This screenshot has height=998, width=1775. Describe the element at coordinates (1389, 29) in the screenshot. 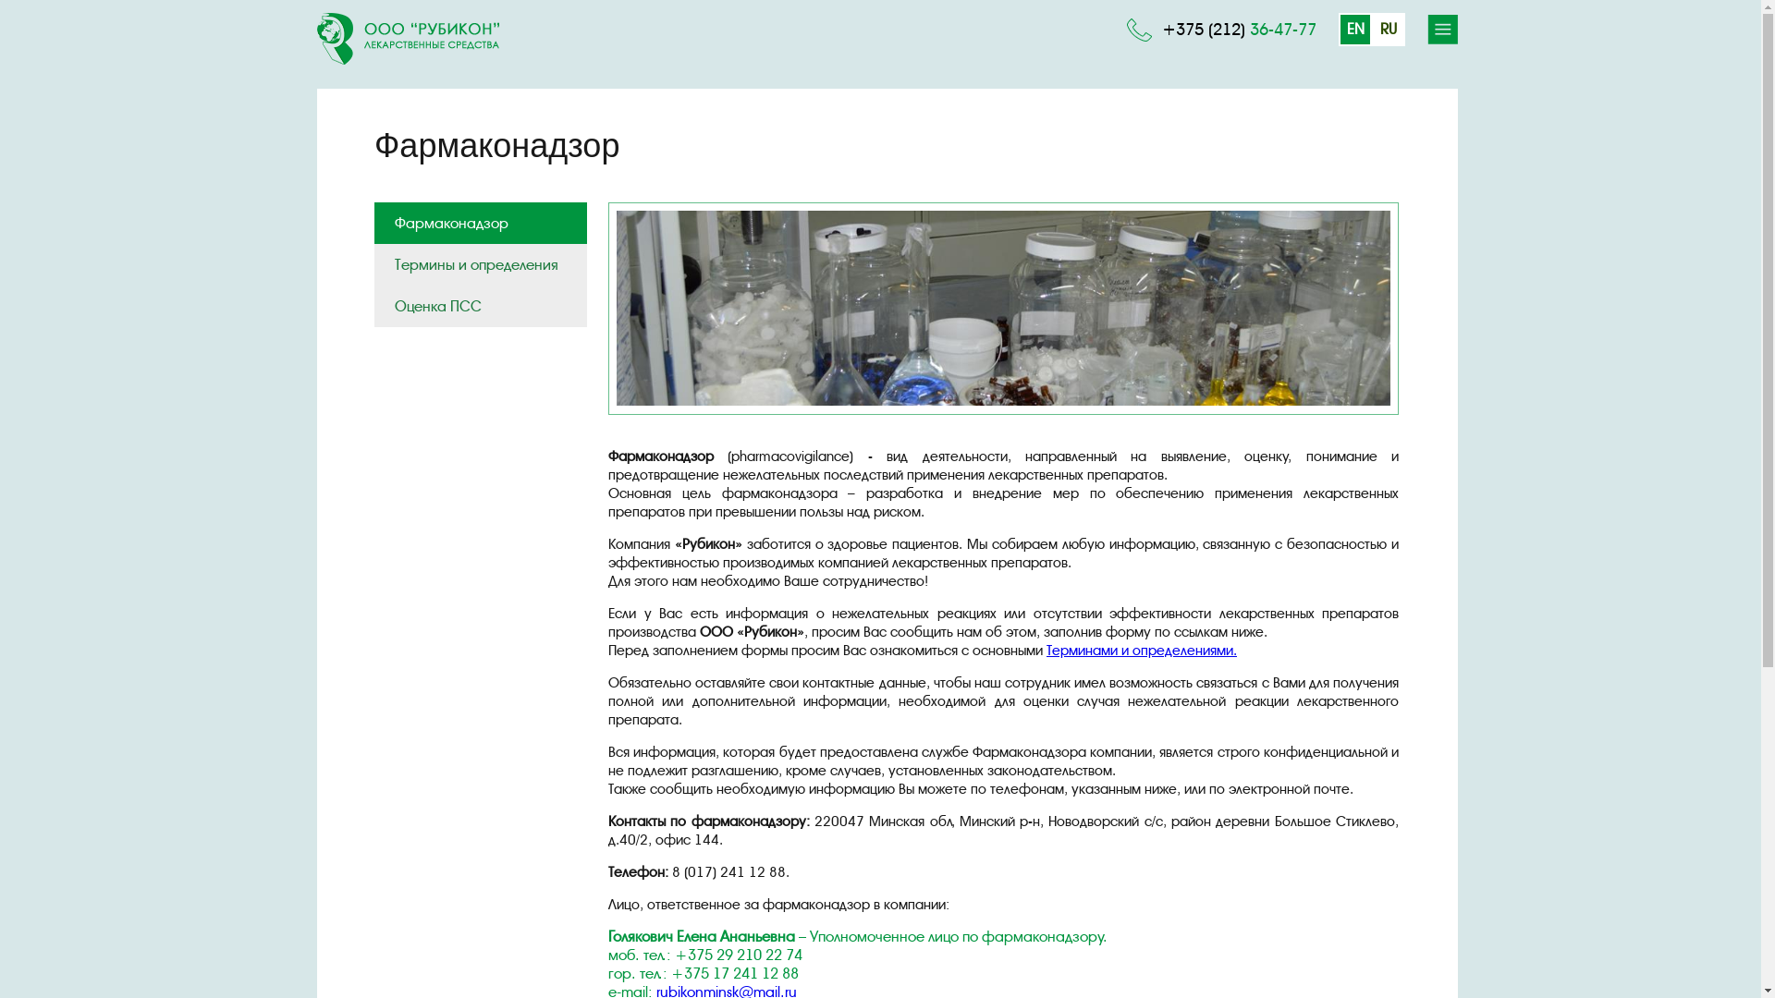

I see `'RU'` at that location.